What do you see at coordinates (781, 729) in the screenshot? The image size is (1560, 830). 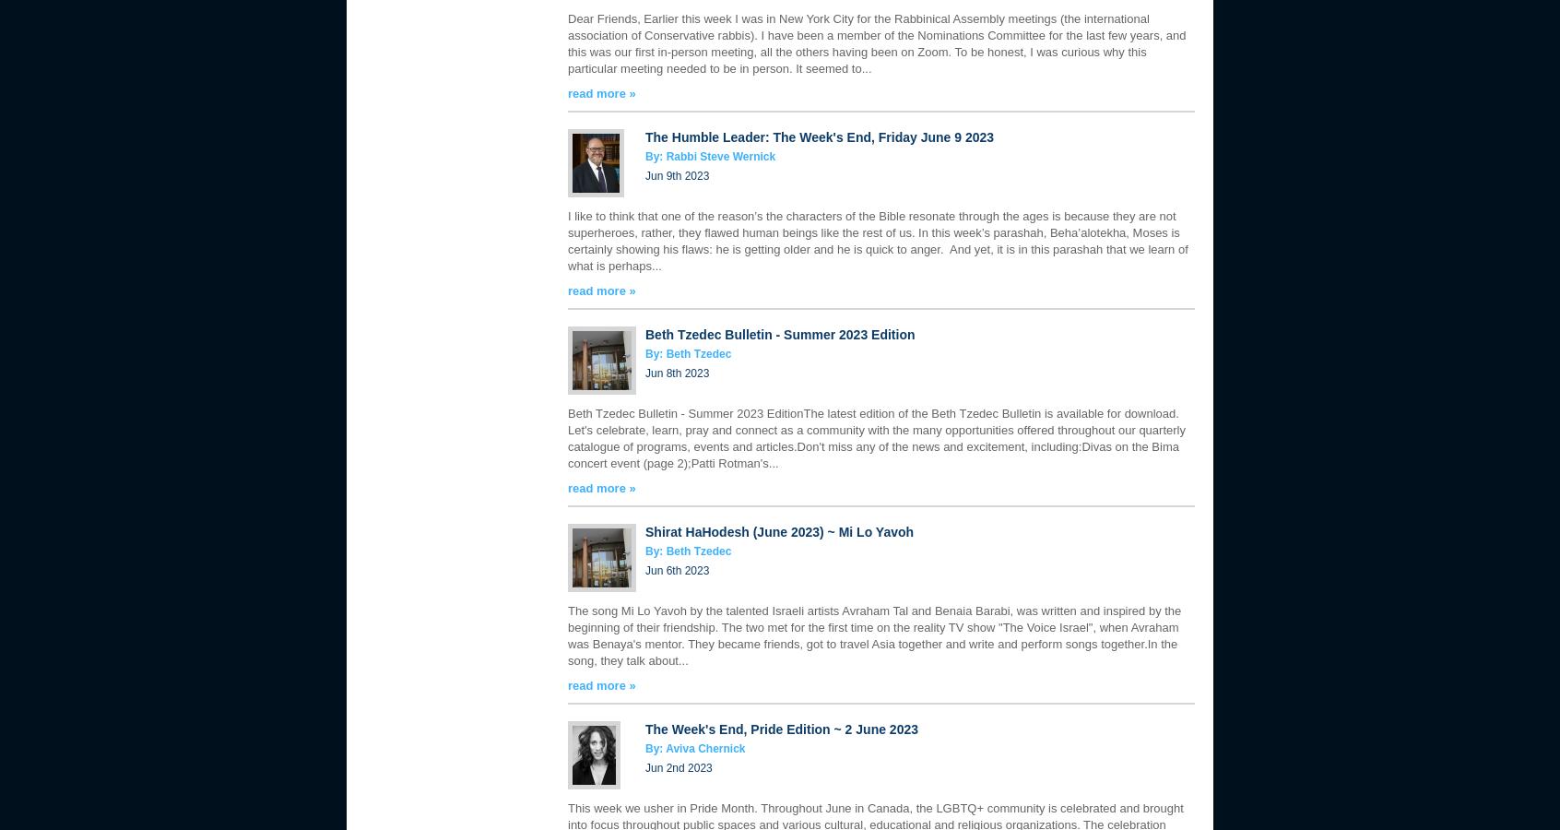 I see `'The Week's End, Pride Edition ~ 2 June 2023'` at bounding box center [781, 729].